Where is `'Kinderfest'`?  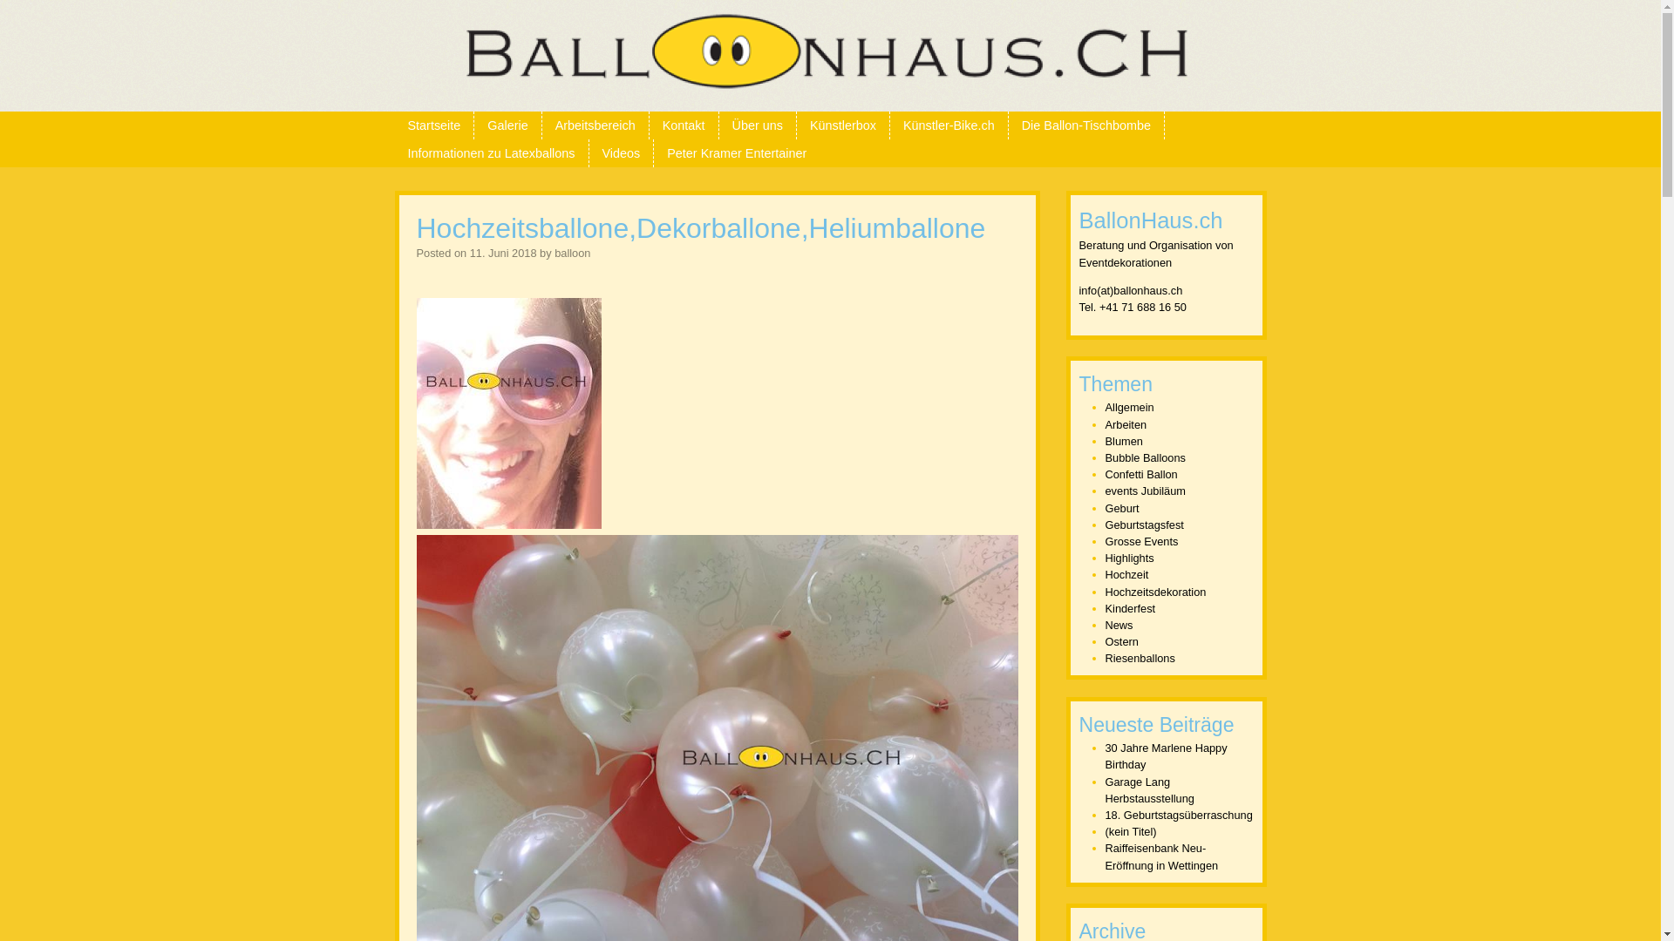 'Kinderfest' is located at coordinates (1130, 607).